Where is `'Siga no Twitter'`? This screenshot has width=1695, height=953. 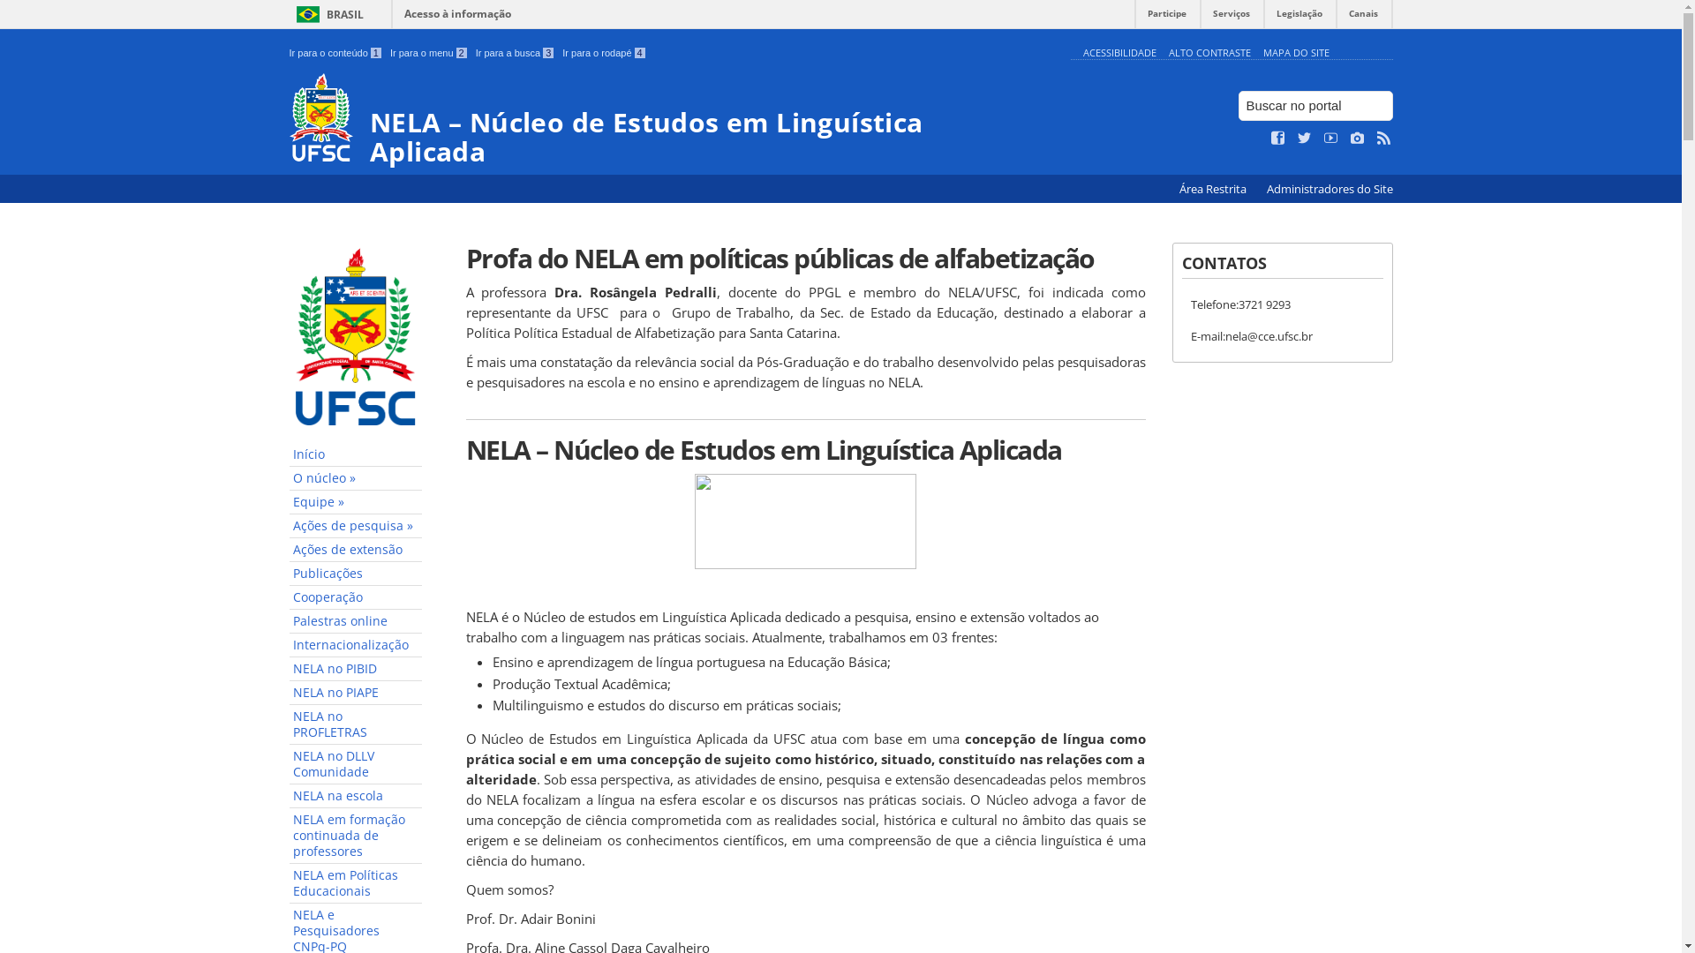
'Siga no Twitter' is located at coordinates (1305, 138).